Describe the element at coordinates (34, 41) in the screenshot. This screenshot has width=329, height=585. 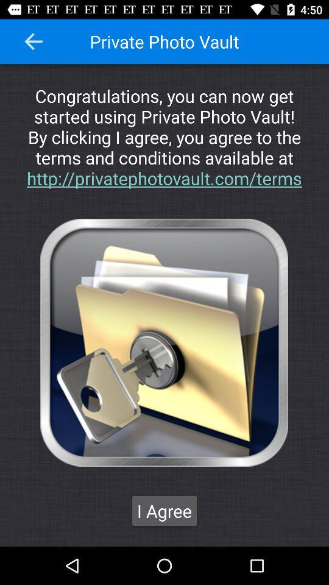
I see `go back` at that location.